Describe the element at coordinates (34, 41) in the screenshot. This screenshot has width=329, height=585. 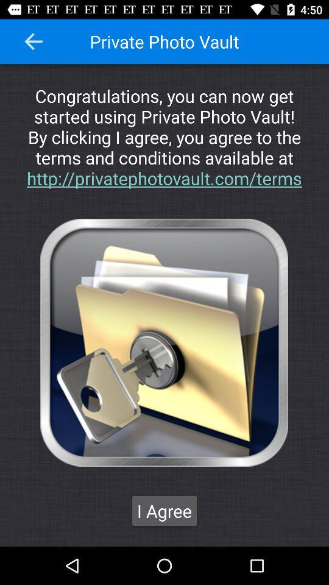
I see `go back` at that location.